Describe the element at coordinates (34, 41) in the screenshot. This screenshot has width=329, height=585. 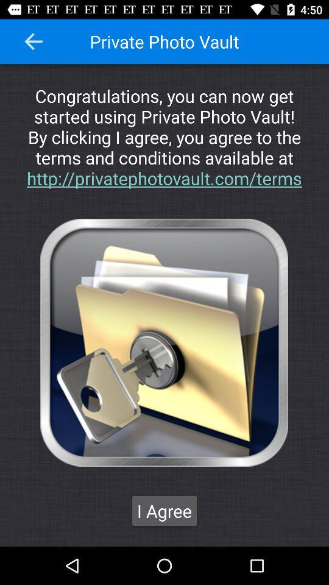
I see `go back` at that location.